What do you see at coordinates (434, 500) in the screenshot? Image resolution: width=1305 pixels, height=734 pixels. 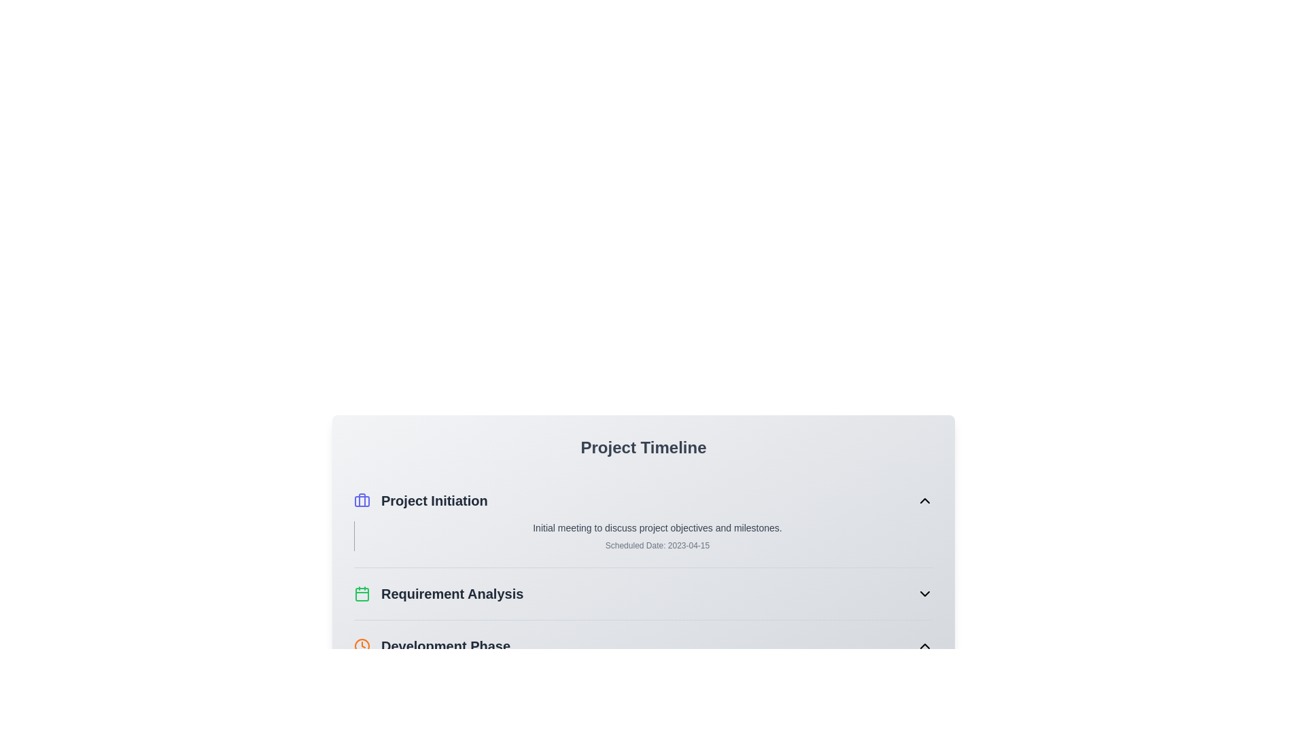 I see `the Text Label that serves as the title for a specific section in the 'Project Timeline', located near the top-left section of the list of phases, to the right of a briefcase icon` at bounding box center [434, 500].